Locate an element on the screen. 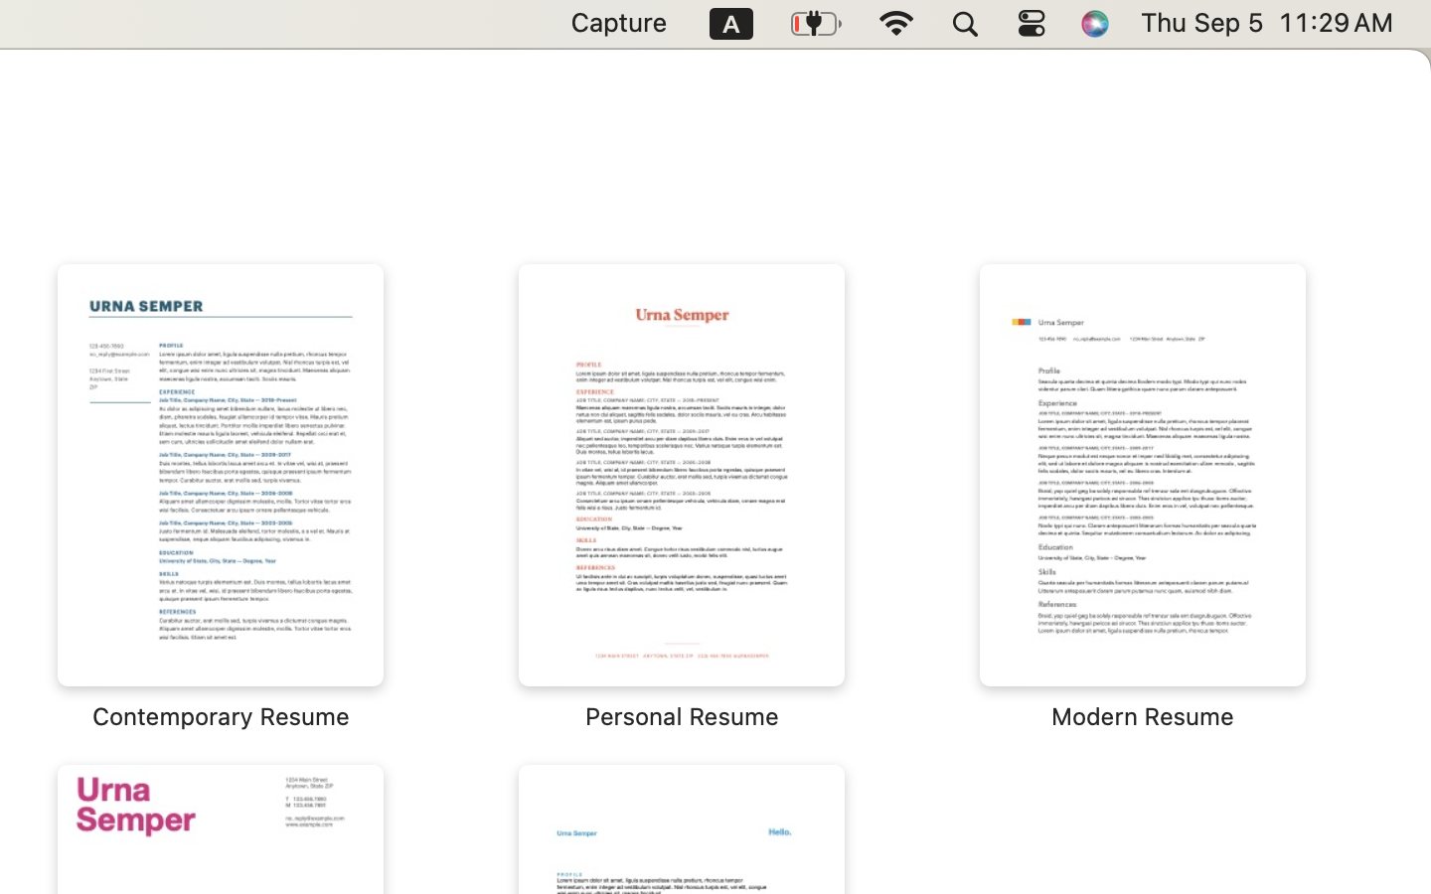 Image resolution: width=1431 pixels, height=894 pixels. '‎⁨Modern Resume⁩' is located at coordinates (1142, 497).